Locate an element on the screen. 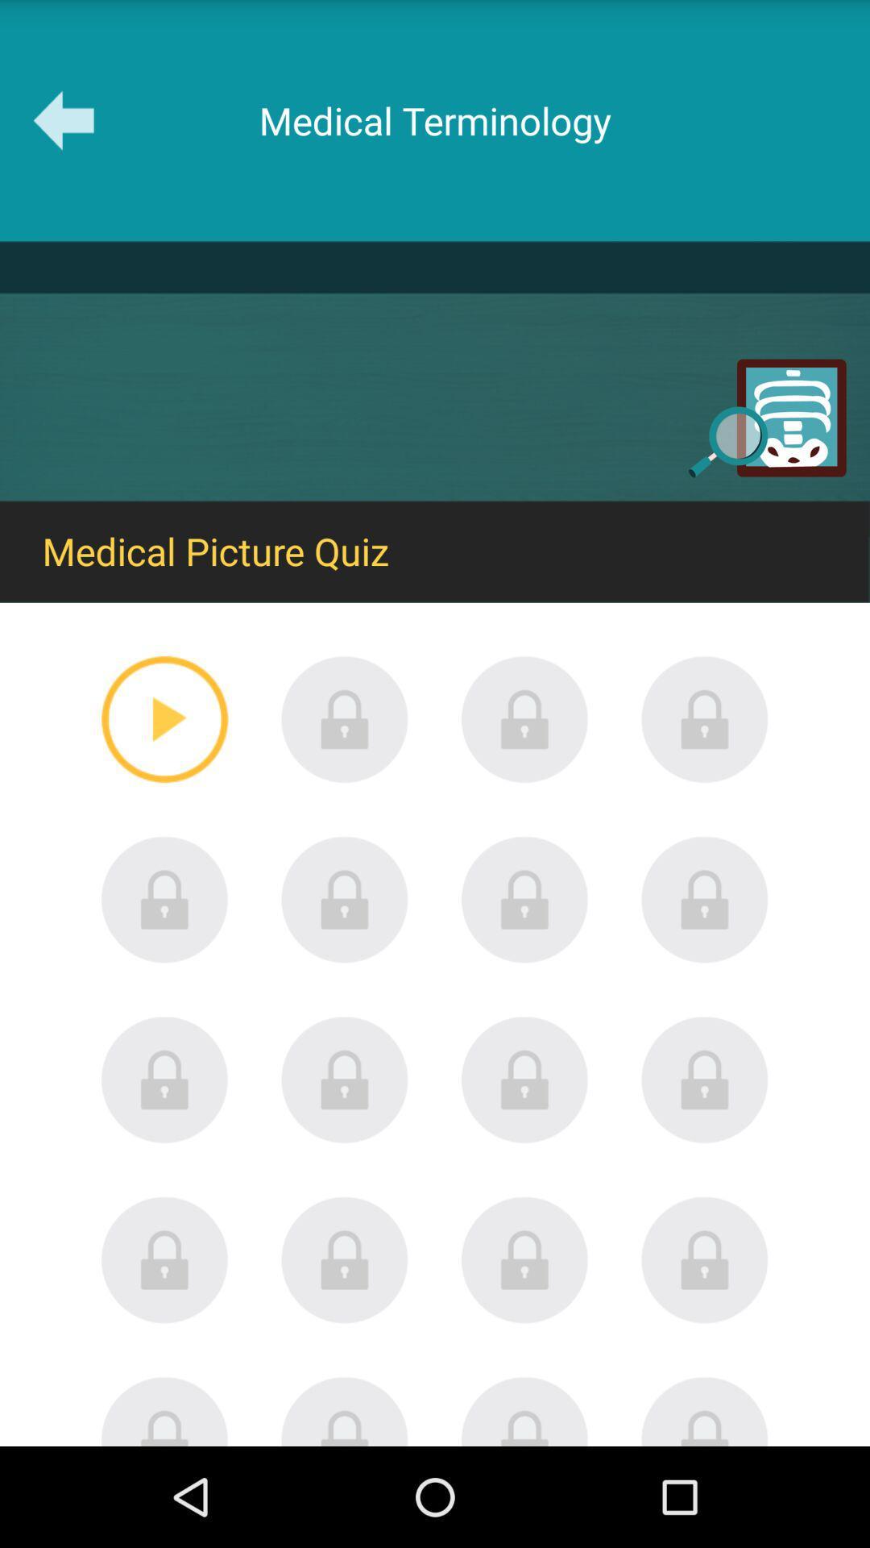  the lock icon is located at coordinates (344, 963).